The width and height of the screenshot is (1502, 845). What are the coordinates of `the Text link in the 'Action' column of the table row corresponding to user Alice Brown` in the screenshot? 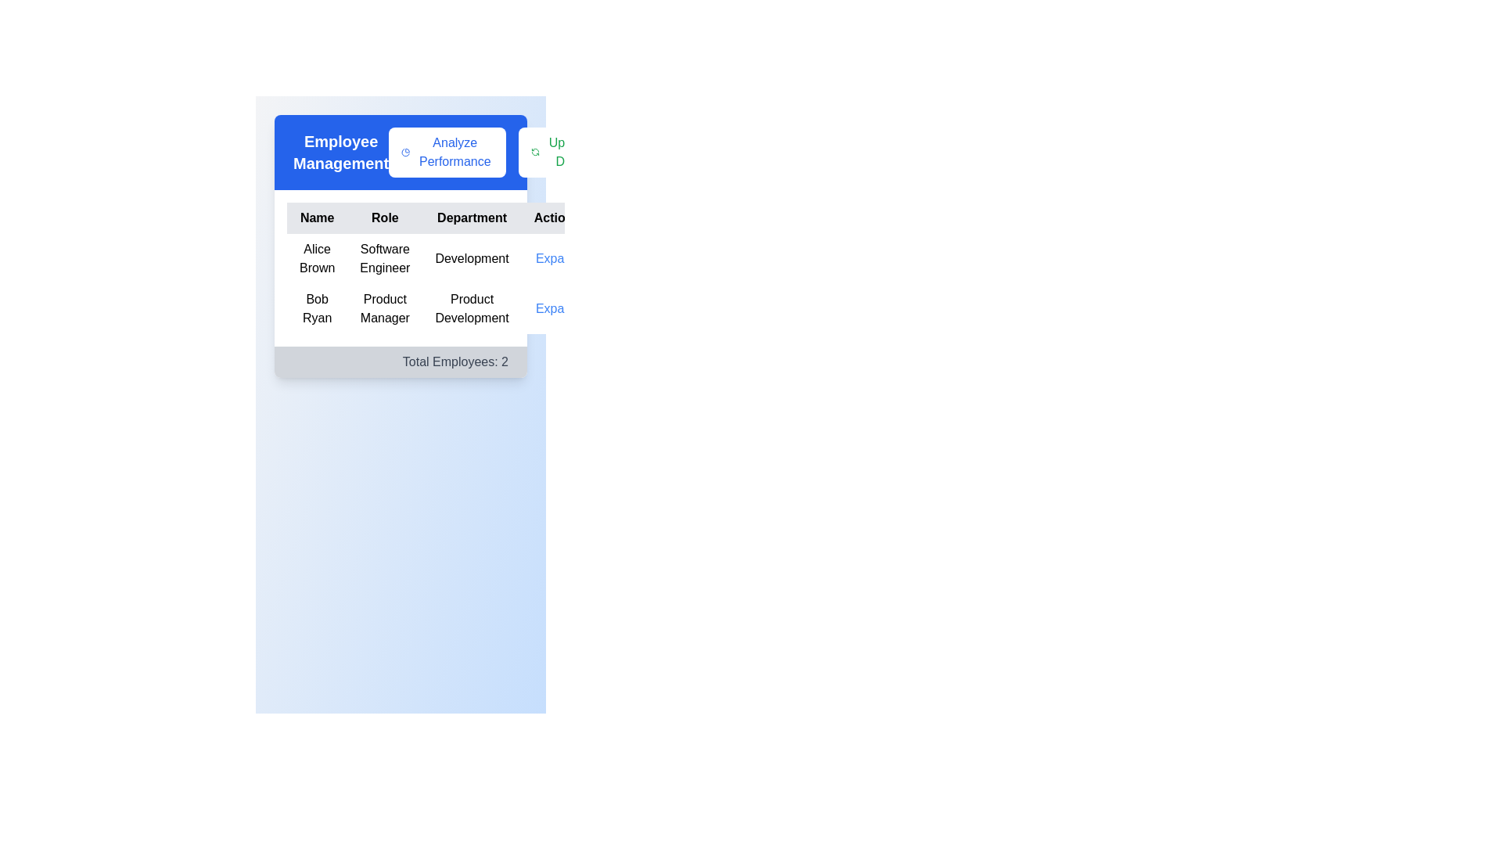 It's located at (556, 258).